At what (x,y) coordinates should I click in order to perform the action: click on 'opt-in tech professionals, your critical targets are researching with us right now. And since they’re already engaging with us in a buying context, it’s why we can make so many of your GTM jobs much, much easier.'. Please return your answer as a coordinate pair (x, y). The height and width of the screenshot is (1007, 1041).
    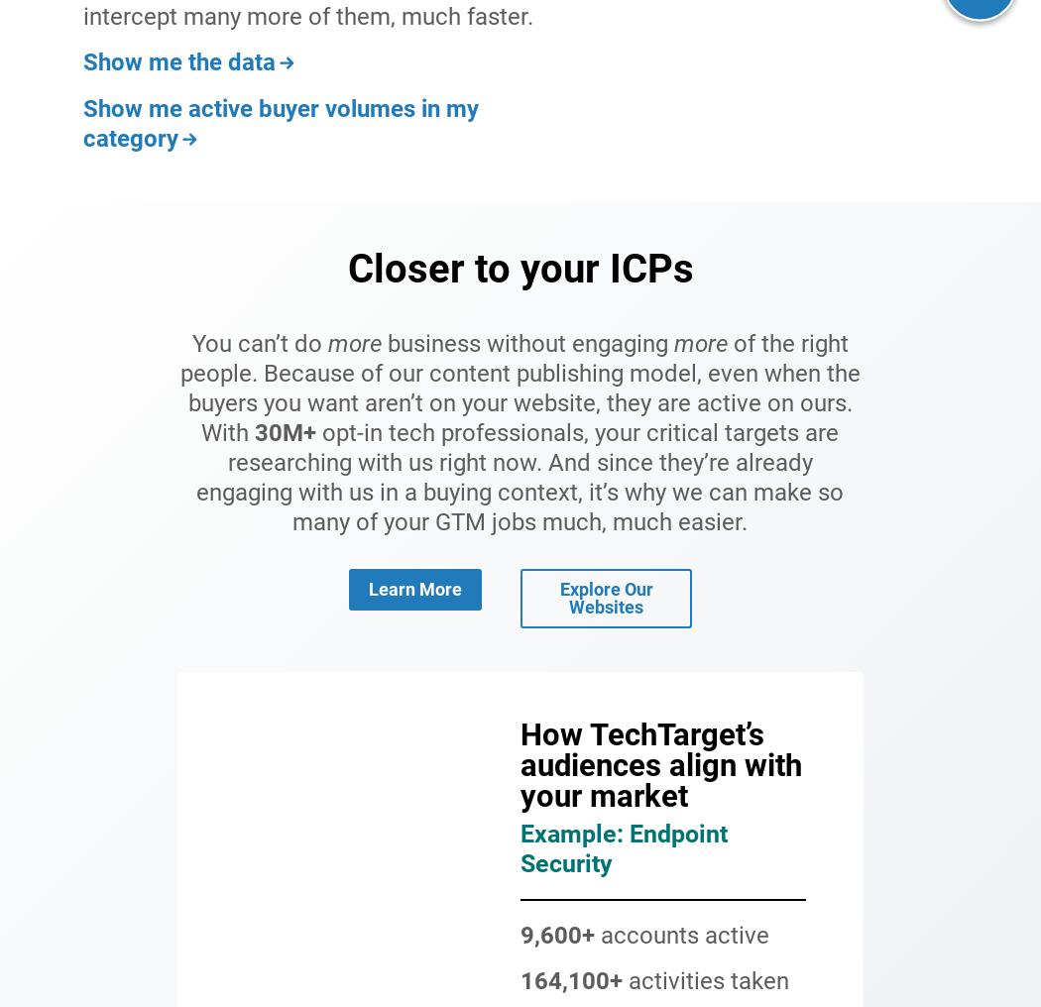
    Looking at the image, I should click on (519, 476).